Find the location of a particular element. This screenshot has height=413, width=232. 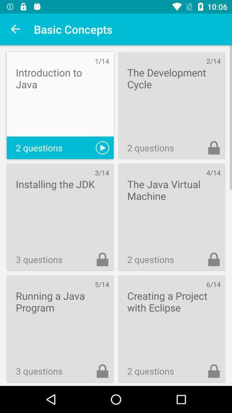

item to the left of basic concepts is located at coordinates (15, 29).